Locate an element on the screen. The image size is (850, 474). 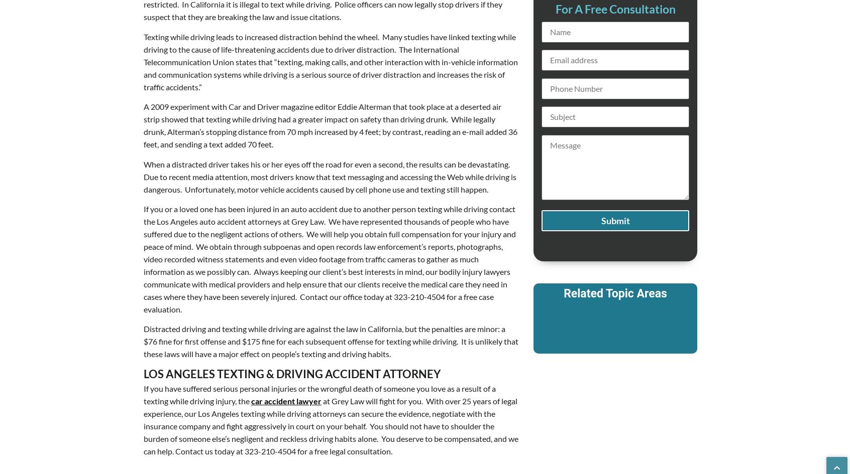
'LOS ANGELES TEXTING & DRIVING ACCIDENT ATTORNEY' is located at coordinates (291, 373).